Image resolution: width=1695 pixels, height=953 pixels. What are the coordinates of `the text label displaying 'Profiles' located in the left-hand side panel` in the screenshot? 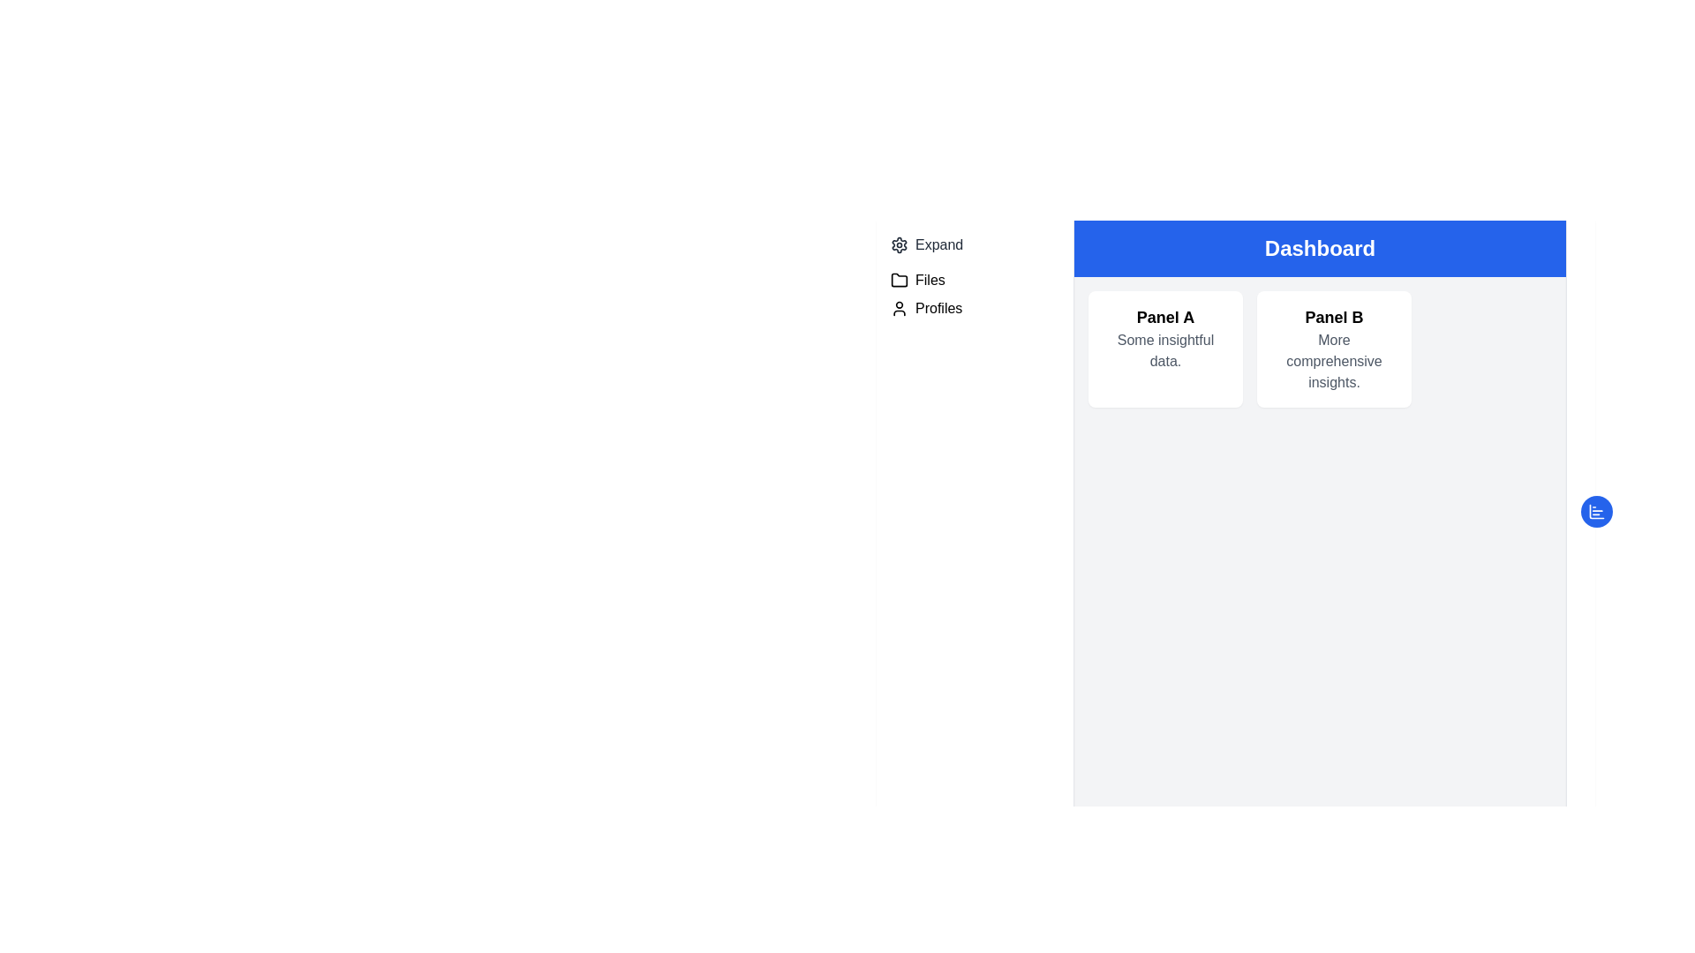 It's located at (938, 308).